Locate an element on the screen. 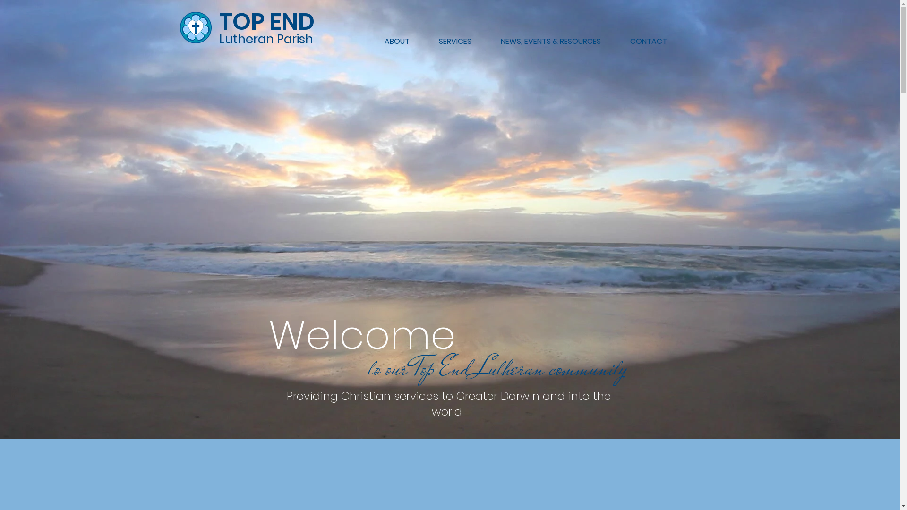  'TOP END' is located at coordinates (266, 21).